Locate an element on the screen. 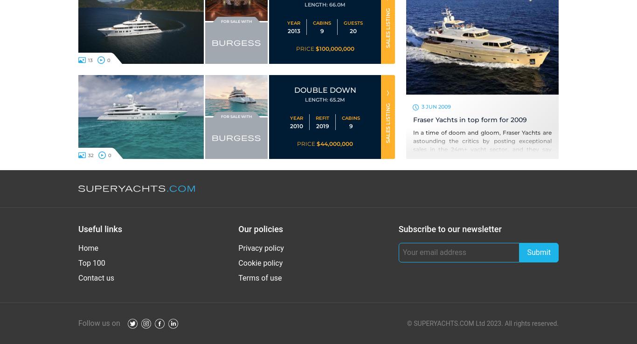 The image size is (637, 344). '3 Jun 2009' is located at coordinates (436, 105).